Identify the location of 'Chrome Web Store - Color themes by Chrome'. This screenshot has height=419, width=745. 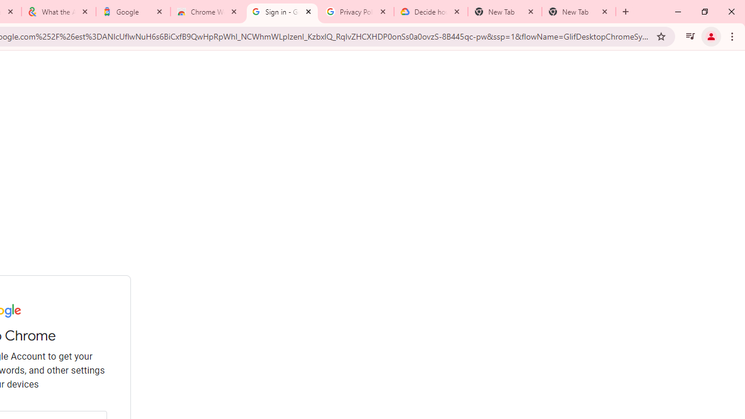
(208, 12).